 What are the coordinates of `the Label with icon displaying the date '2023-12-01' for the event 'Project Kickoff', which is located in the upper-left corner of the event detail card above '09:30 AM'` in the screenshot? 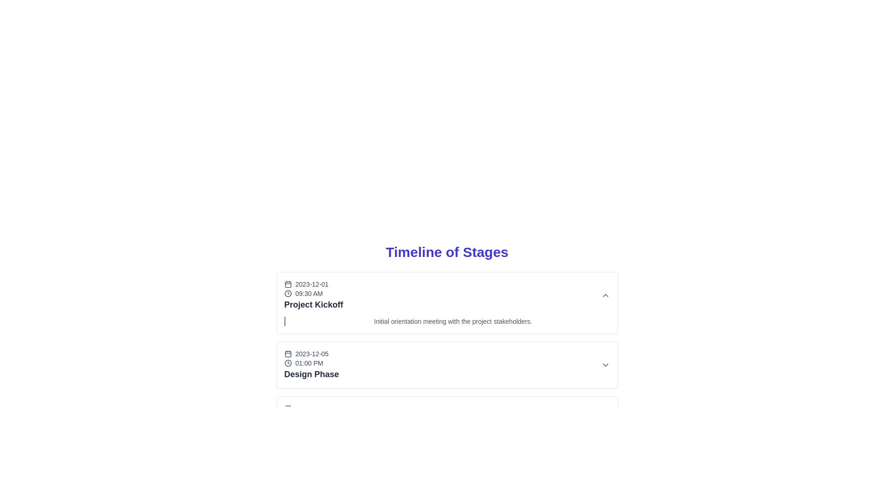 It's located at (314, 284).